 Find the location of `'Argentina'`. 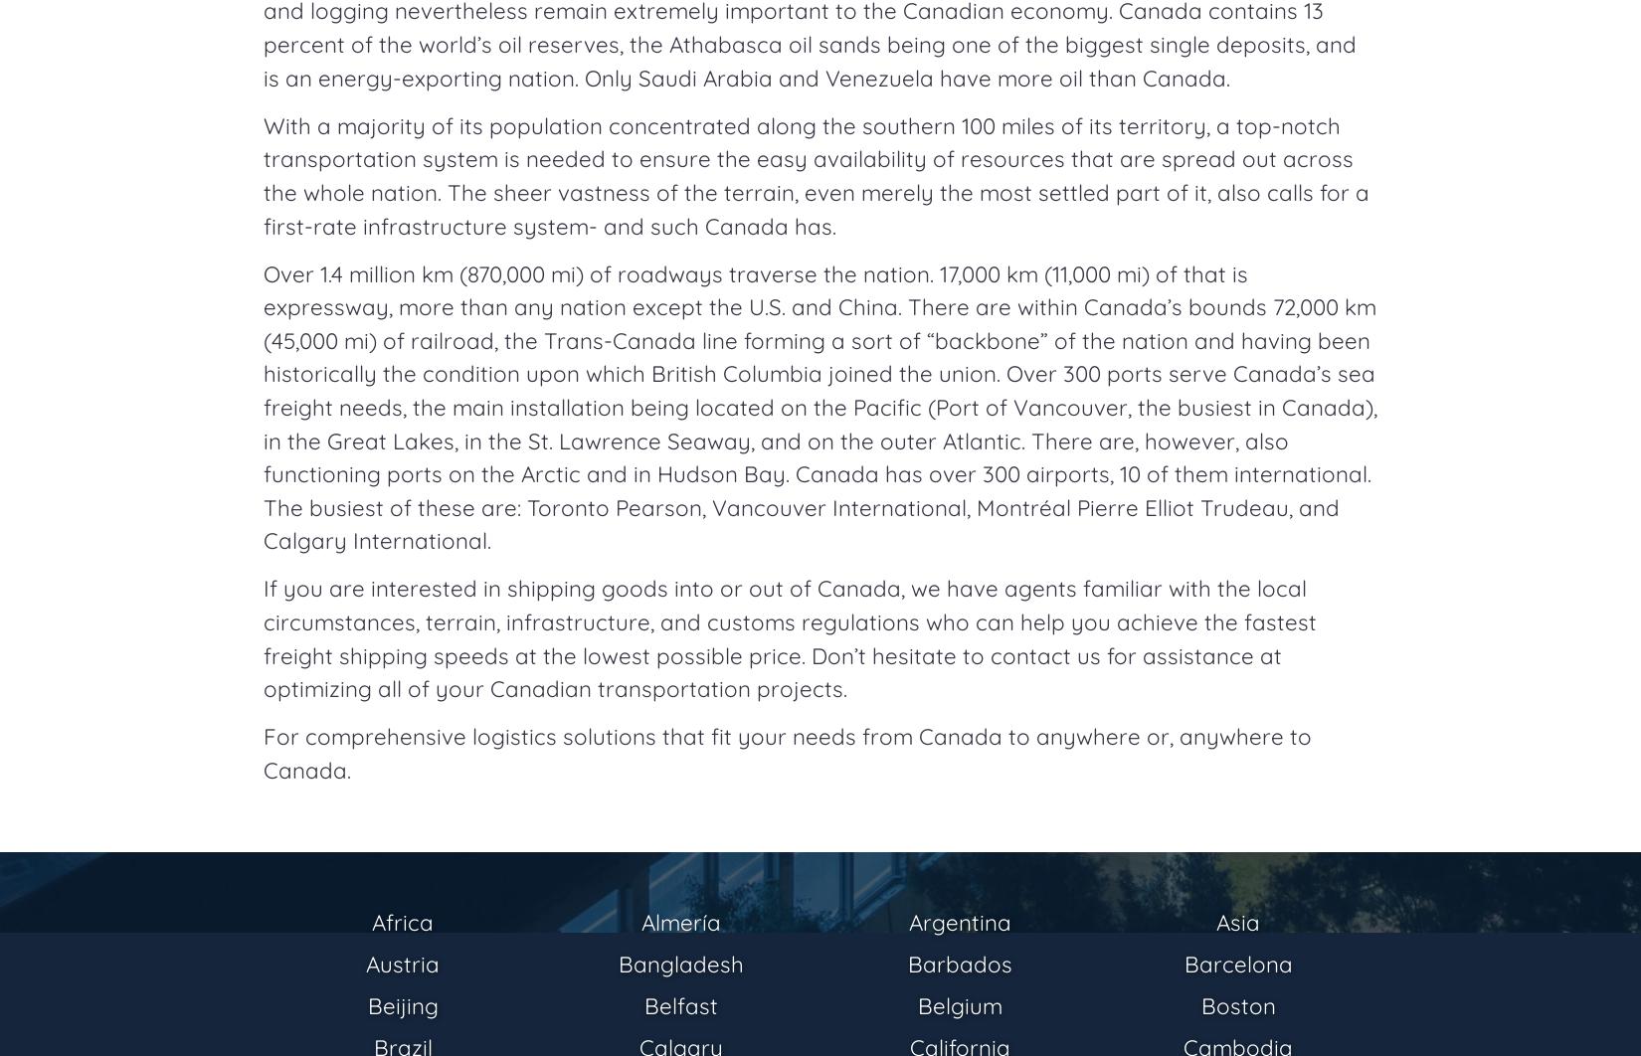

'Argentina' is located at coordinates (959, 921).